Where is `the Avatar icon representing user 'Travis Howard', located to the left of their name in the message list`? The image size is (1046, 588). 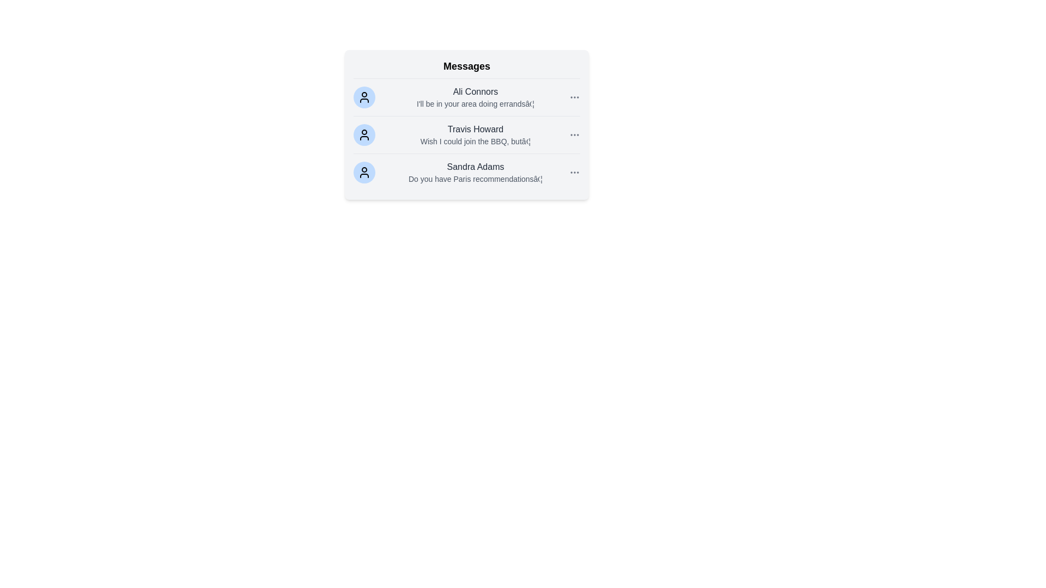
the Avatar icon representing user 'Travis Howard', located to the left of their name in the message list is located at coordinates (364, 134).